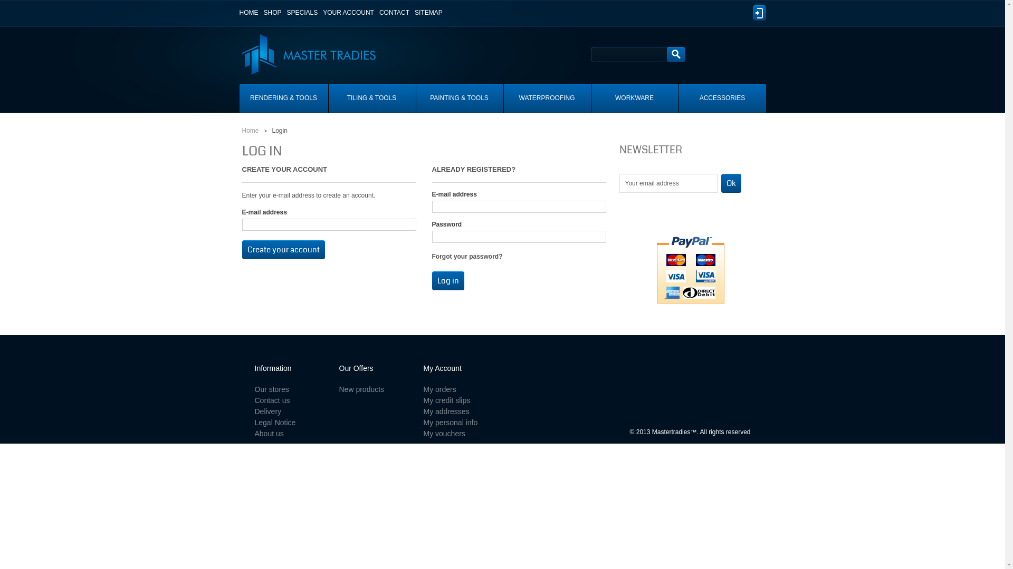  What do you see at coordinates (758, 13) in the screenshot?
I see `'Log in'` at bounding box center [758, 13].